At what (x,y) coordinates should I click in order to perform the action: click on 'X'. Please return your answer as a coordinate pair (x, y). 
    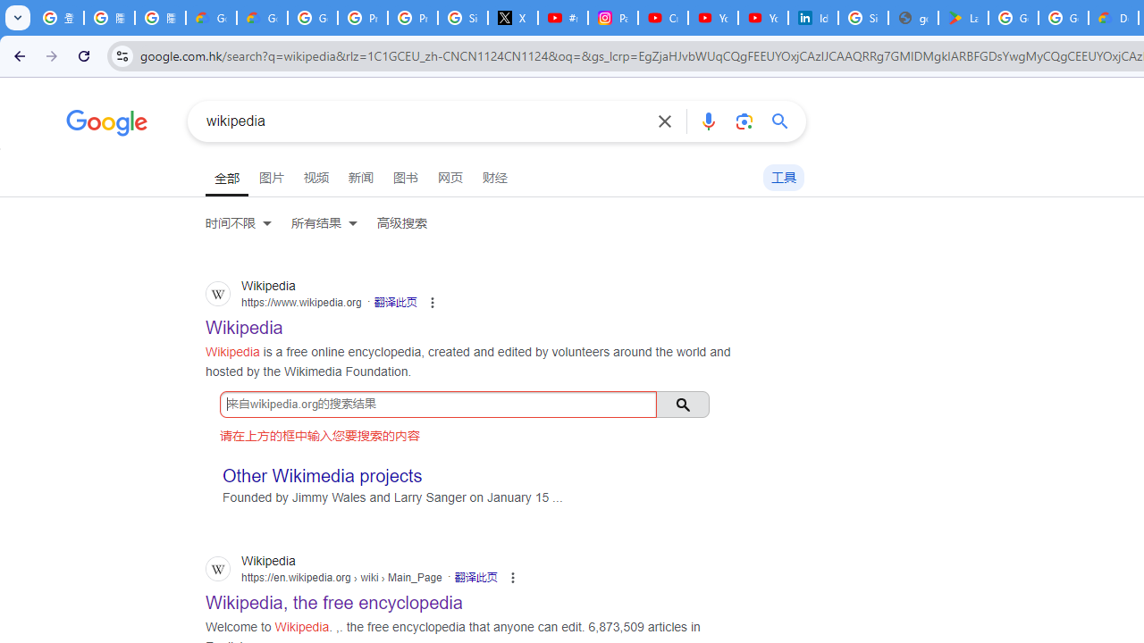
    Looking at the image, I should click on (512, 18).